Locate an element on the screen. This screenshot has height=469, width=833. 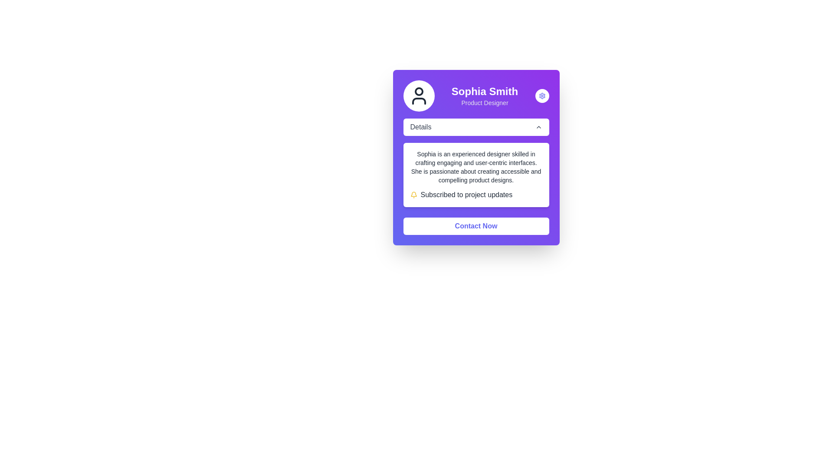
the lower main body part of the bell icon with a yellow outline located in the top-right corner of the profile card interface is located at coordinates (413, 194).